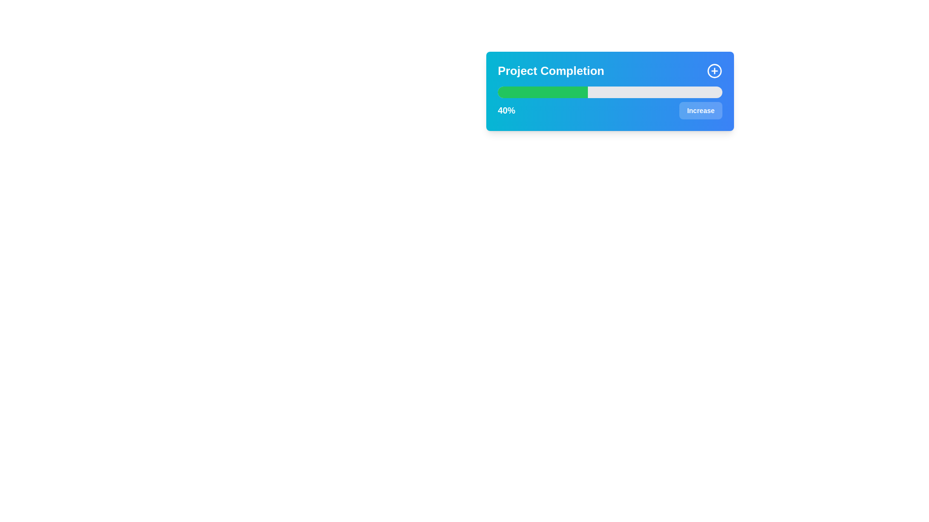 The height and width of the screenshot is (522, 929). What do you see at coordinates (542, 92) in the screenshot?
I see `the green-filled progress bar segment representing 40% completion within the blue card layout labeled 'Project Completion'` at bounding box center [542, 92].